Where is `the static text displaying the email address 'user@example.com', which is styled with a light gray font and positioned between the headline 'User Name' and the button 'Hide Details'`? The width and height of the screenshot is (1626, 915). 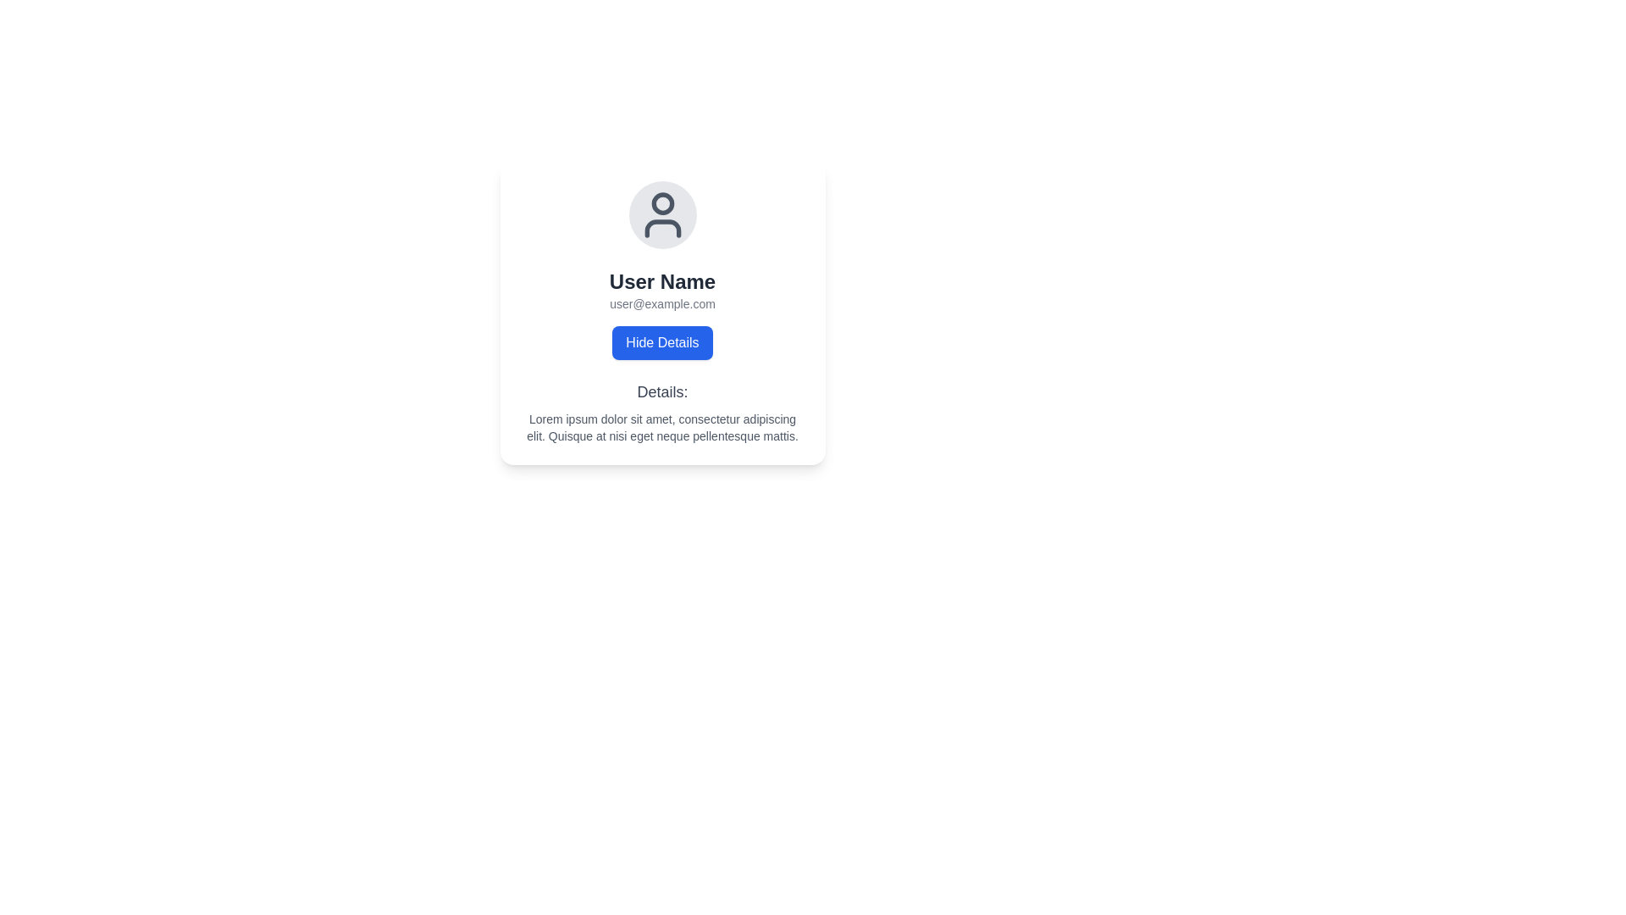
the static text displaying the email address 'user@example.com', which is styled with a light gray font and positioned between the headline 'User Name' and the button 'Hide Details' is located at coordinates (661, 302).